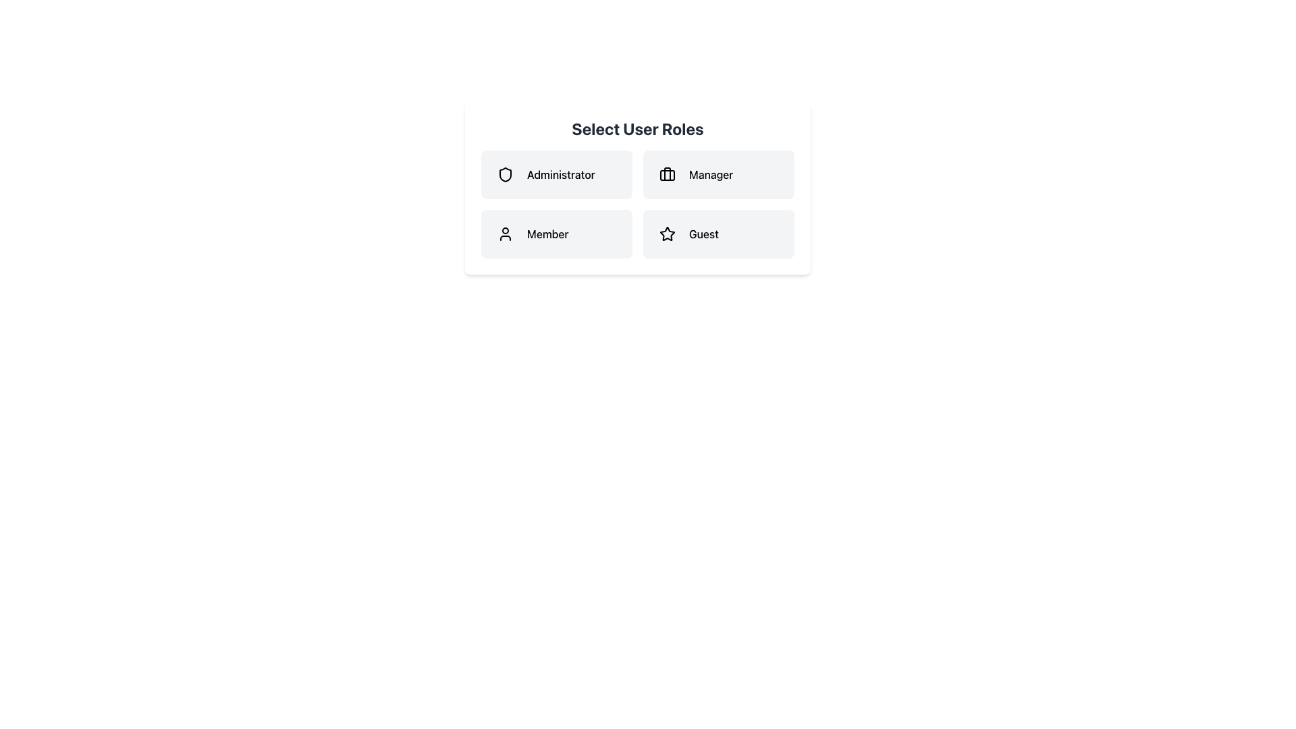  What do you see at coordinates (504, 173) in the screenshot?
I see `the shield icon representing the 'Administrator' role option located in the top-left region of the user roles grid` at bounding box center [504, 173].